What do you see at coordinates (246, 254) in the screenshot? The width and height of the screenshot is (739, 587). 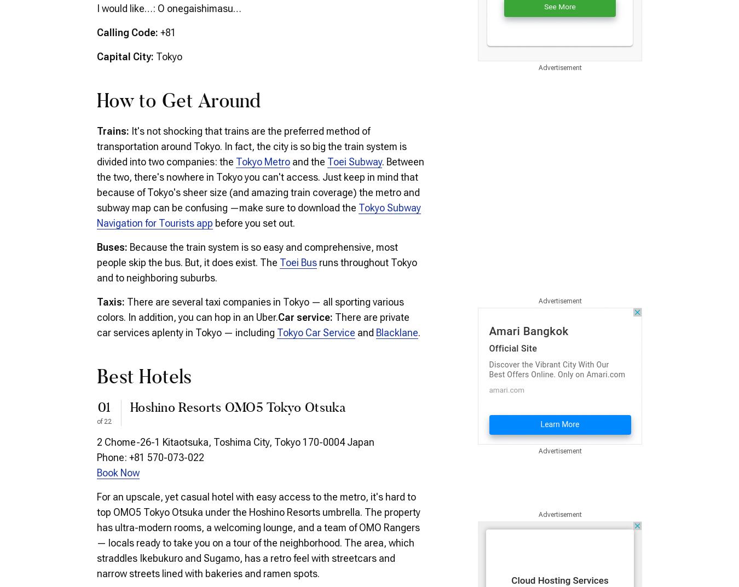 I see `'Because the train system is so easy and comprehensive, most people skip the bus. But, it does exist. The'` at bounding box center [246, 254].